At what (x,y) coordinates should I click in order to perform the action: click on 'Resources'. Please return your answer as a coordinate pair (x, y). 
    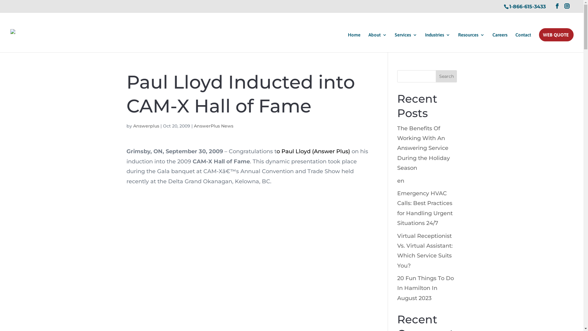
    Looking at the image, I should click on (471, 42).